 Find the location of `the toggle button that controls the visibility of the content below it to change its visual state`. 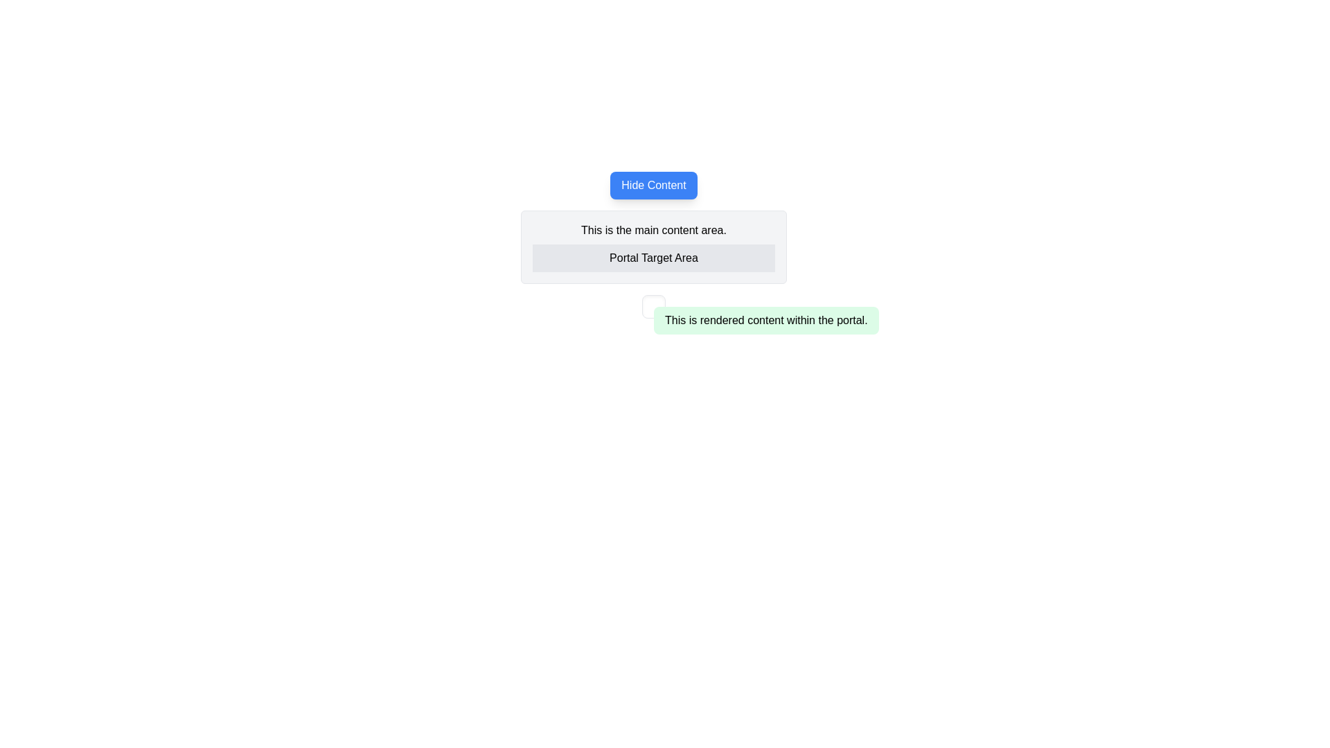

the toggle button that controls the visibility of the content below it to change its visual state is located at coordinates (653, 184).